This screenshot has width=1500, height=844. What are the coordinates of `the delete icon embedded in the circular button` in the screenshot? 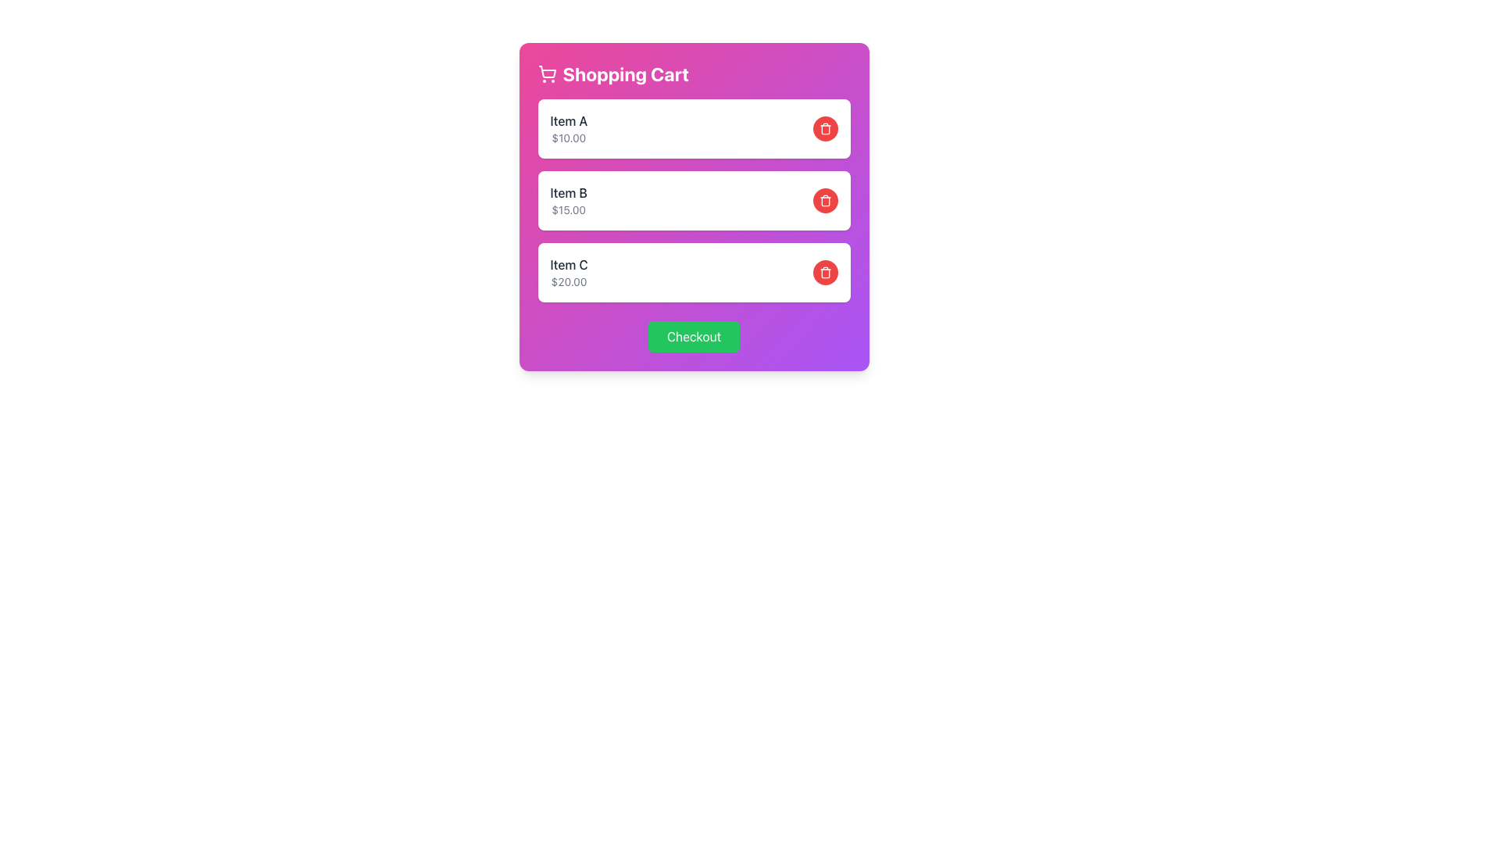 It's located at (824, 128).